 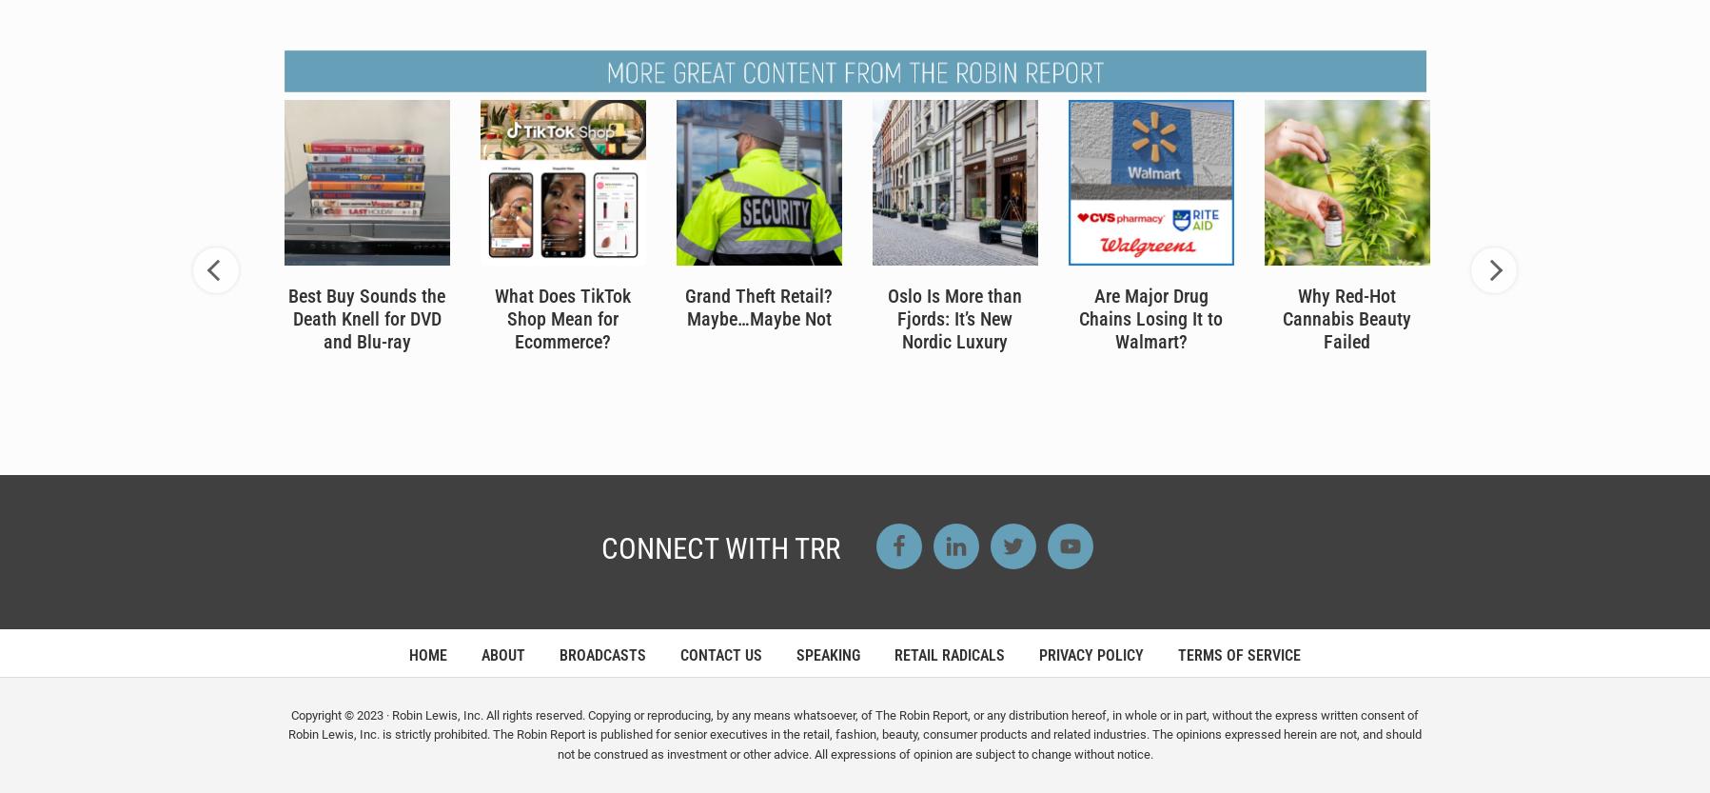 What do you see at coordinates (602, 653) in the screenshot?
I see `'BROADCASTS'` at bounding box center [602, 653].